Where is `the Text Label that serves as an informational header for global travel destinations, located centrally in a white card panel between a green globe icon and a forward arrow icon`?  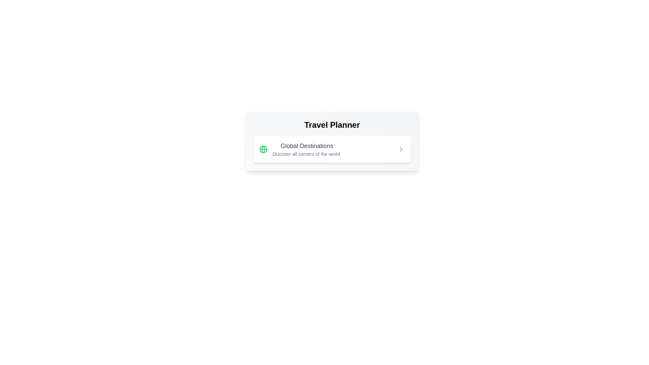
the Text Label that serves as an informational header for global travel destinations, located centrally in a white card panel between a green globe icon and a forward arrow icon is located at coordinates (306, 149).